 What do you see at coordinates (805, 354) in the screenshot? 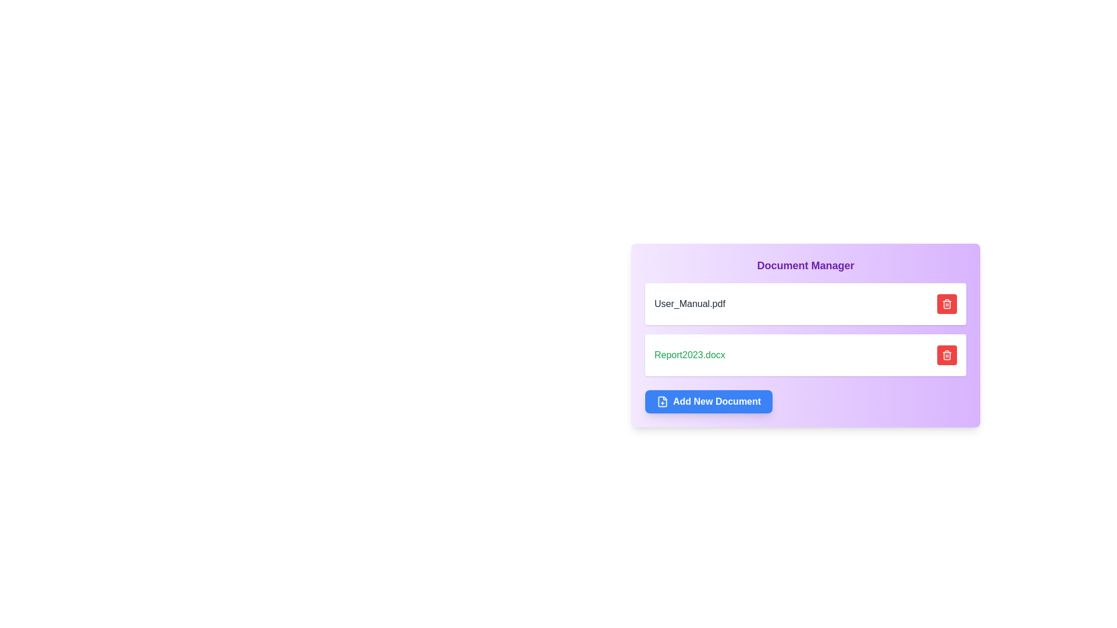
I see `the file name 'Report2023.docx' from the interactive list item` at bounding box center [805, 354].